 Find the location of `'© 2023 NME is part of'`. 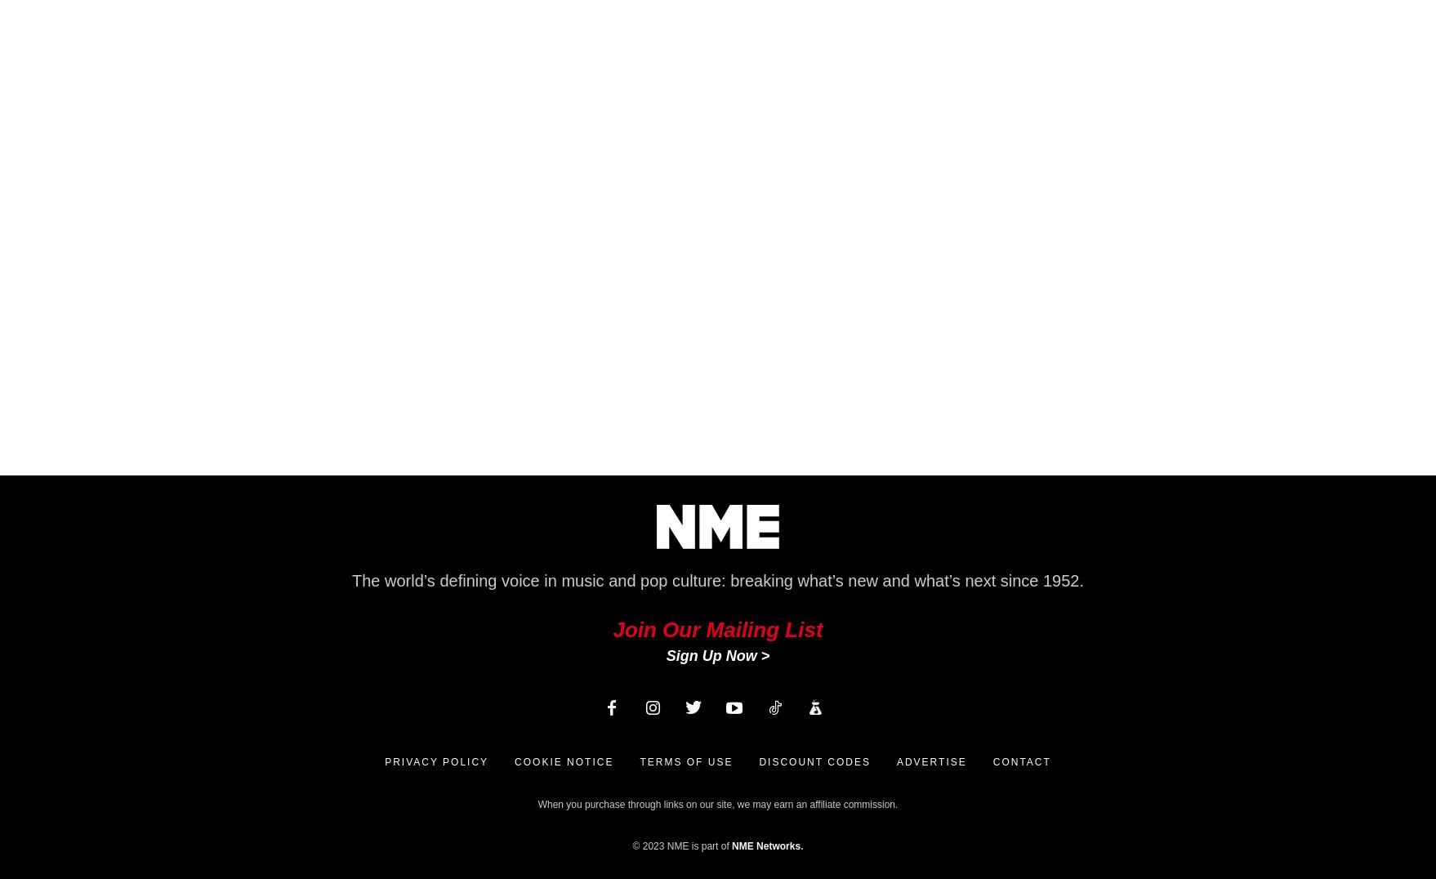

'© 2023 NME is part of' is located at coordinates (681, 846).